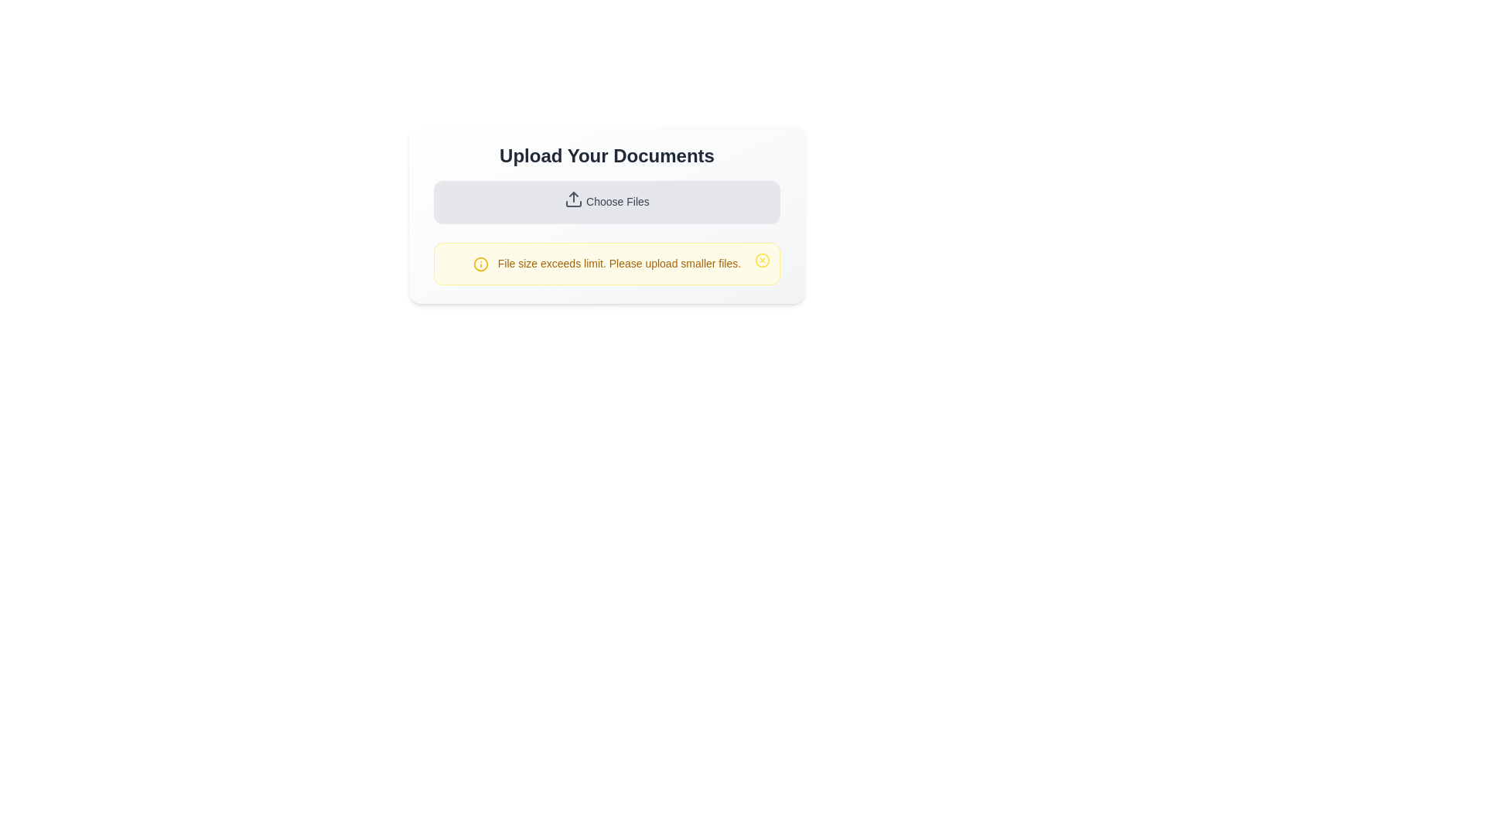 The width and height of the screenshot is (1485, 835). Describe the element at coordinates (573, 199) in the screenshot. I see `the 'Choose Files' button, which contains the Upload Icon that symbolizes file selection` at that location.